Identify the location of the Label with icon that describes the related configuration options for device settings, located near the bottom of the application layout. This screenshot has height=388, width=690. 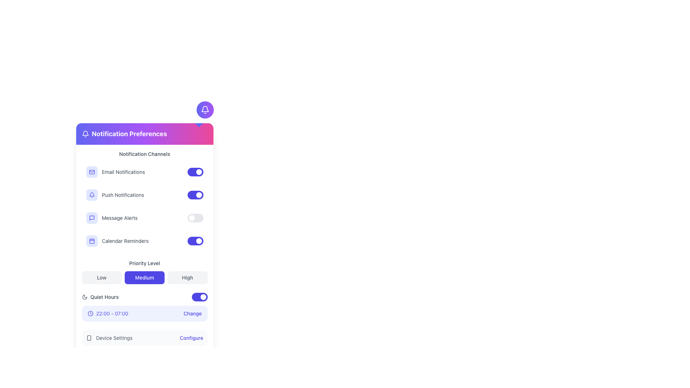
(109, 338).